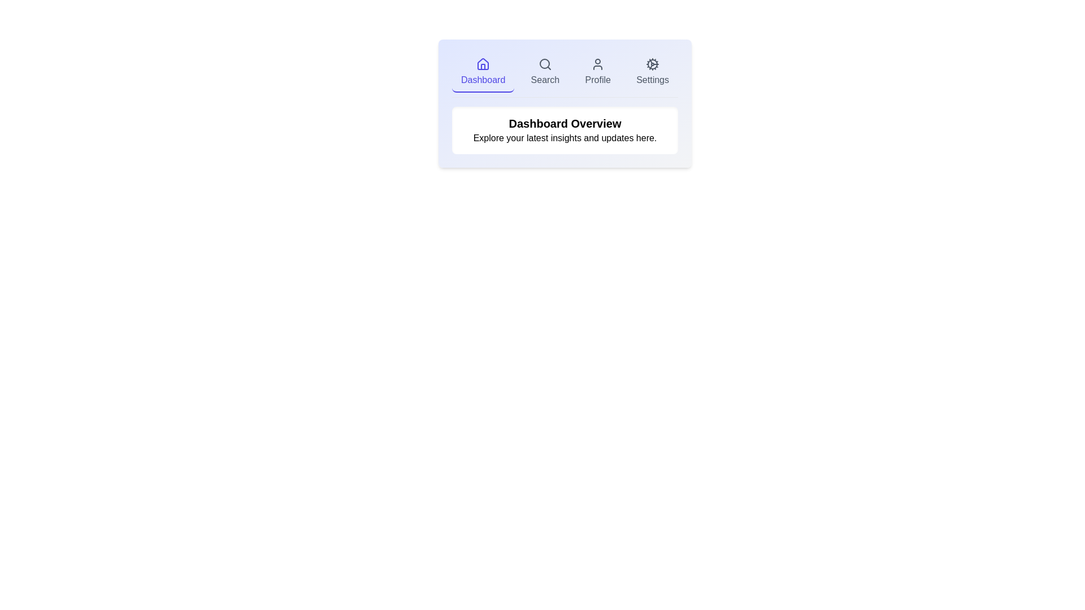 The height and width of the screenshot is (610, 1085). Describe the element at coordinates (653, 64) in the screenshot. I see `the Circle within Cogwheel icon, which is the central component of the Settings button located at the end of the navigation bar` at that location.